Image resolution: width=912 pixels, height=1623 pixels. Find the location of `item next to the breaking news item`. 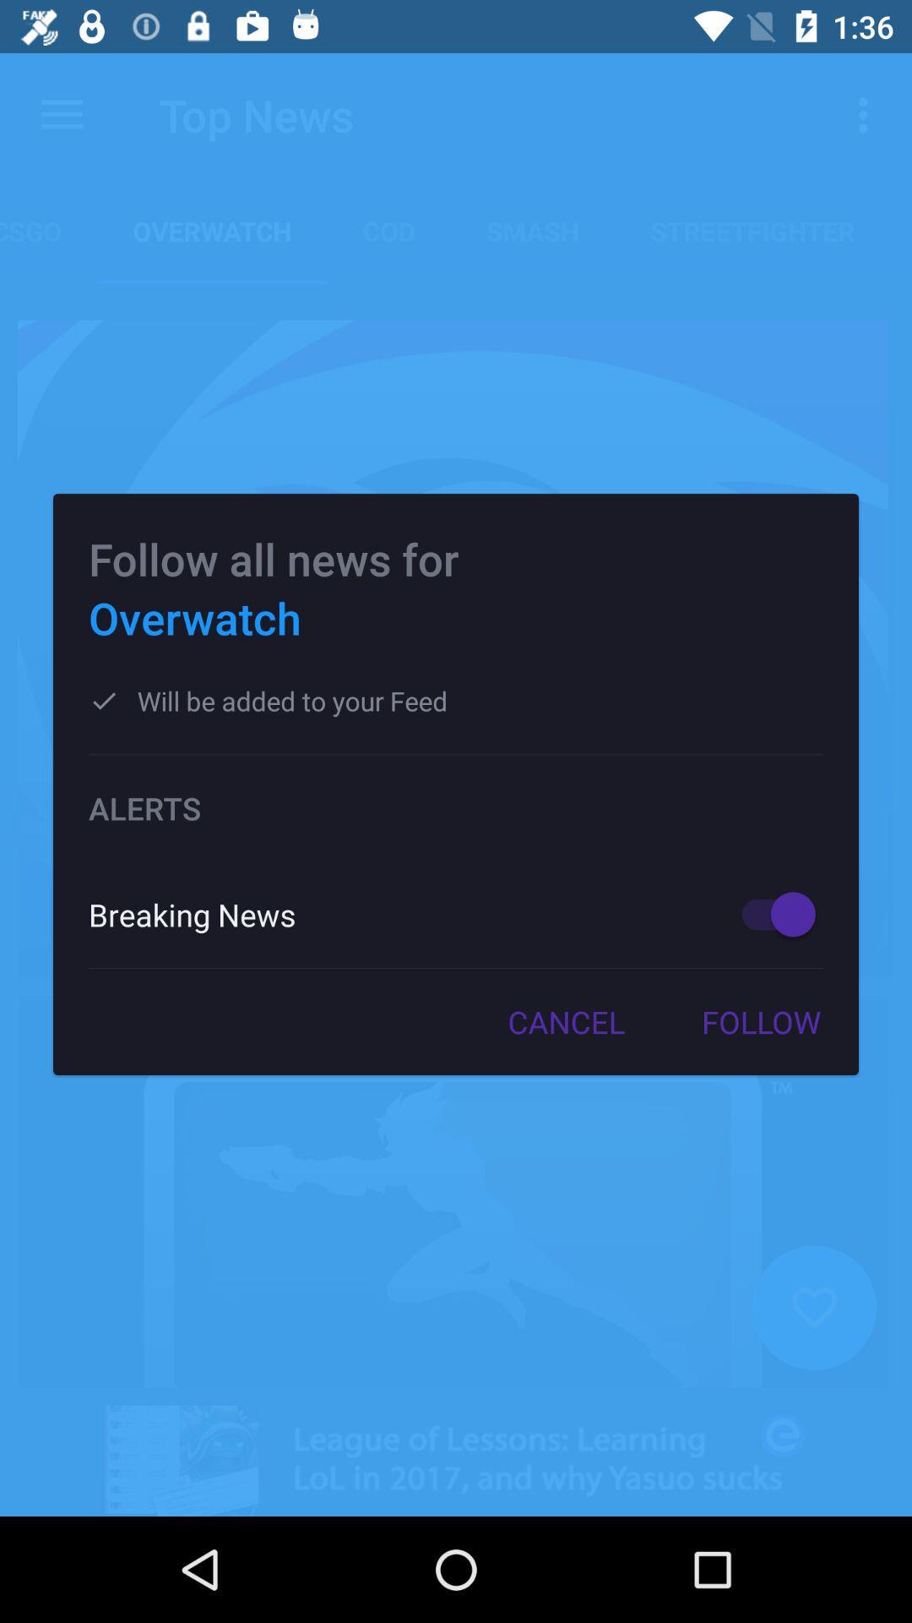

item next to the breaking news item is located at coordinates (770, 913).